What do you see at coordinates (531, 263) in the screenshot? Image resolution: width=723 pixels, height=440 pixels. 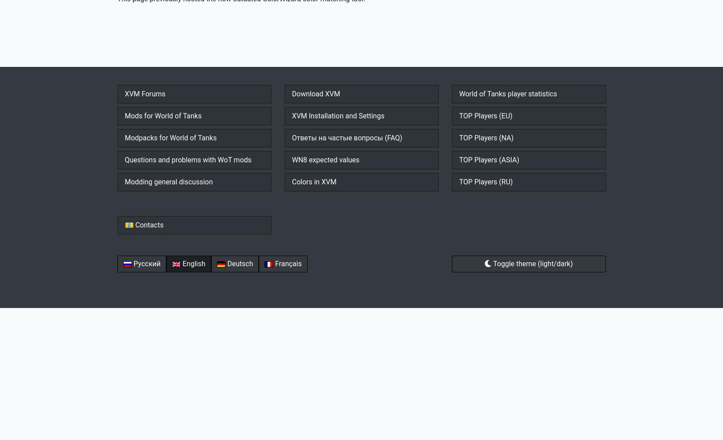 I see `'Toggle theme (light/dark)'` at bounding box center [531, 263].